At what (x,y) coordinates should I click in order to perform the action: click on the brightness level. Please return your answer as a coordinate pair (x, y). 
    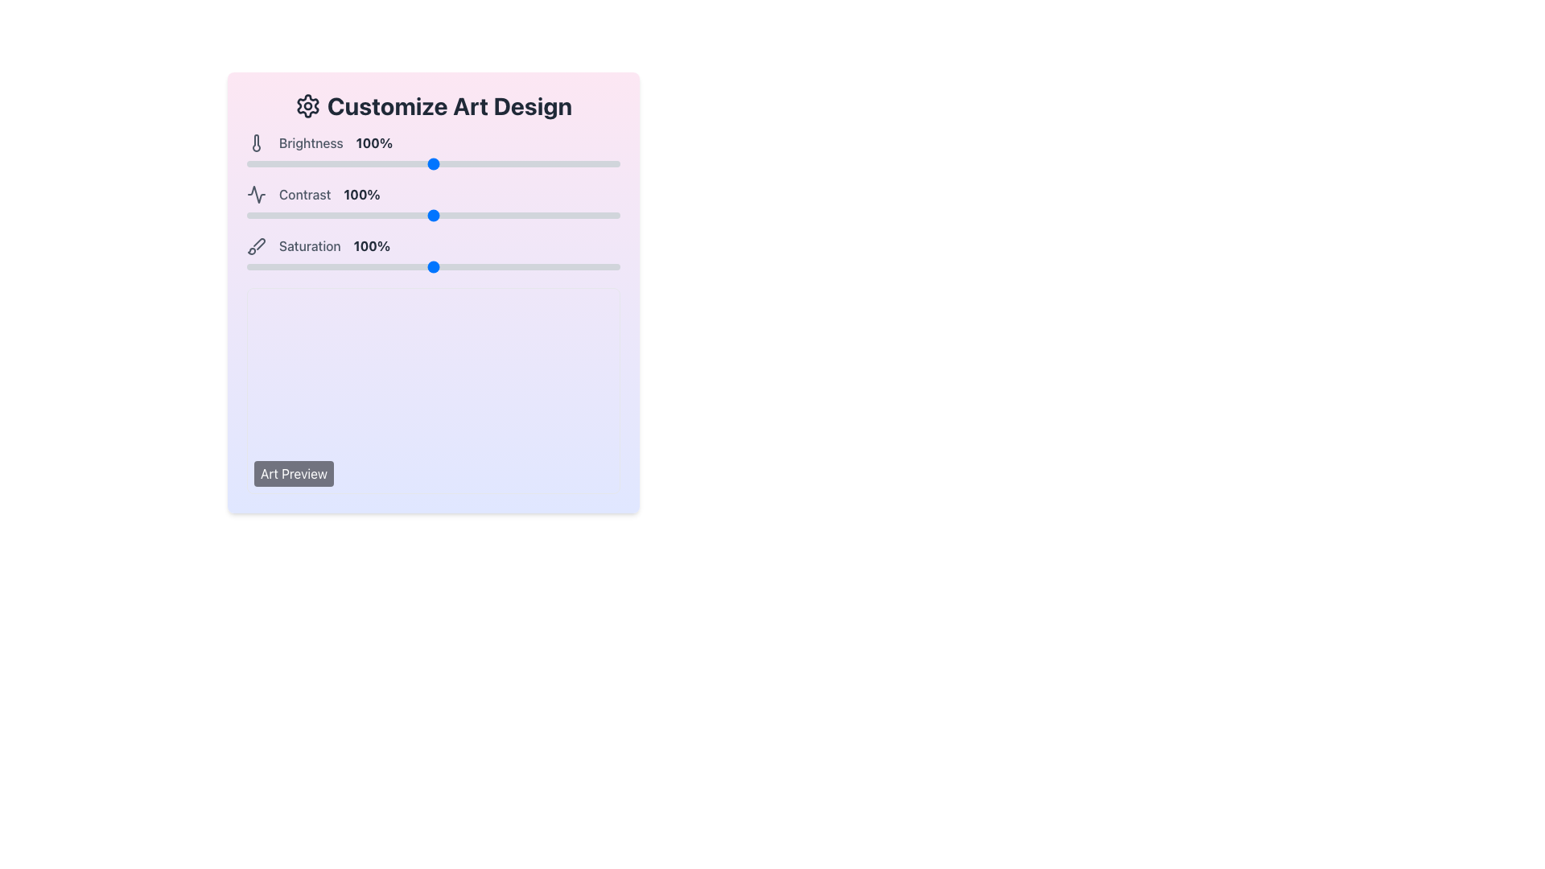
    Looking at the image, I should click on (606, 164).